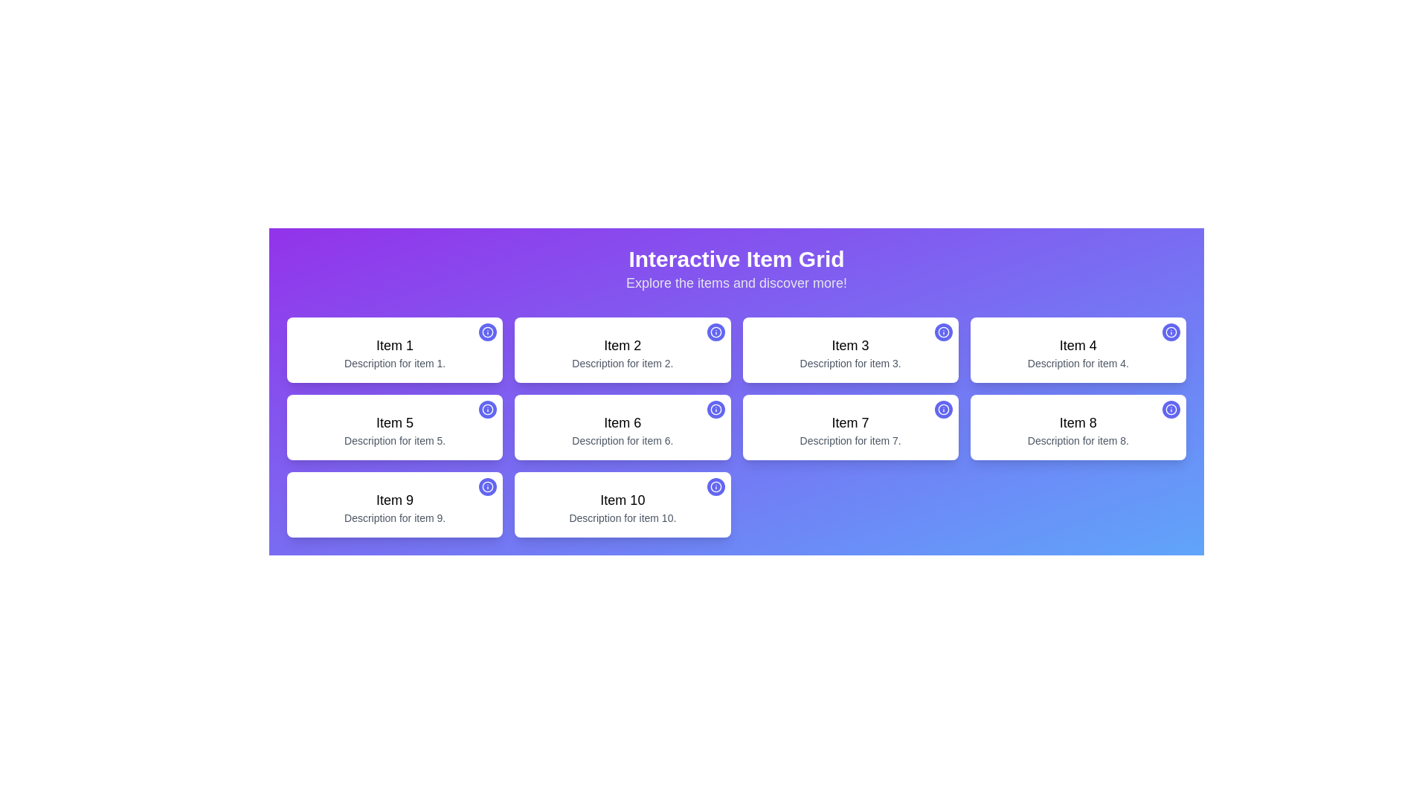 This screenshot has width=1428, height=803. I want to click on the static text element located directly below the bold title 'Item 10' in the card labeled 'Item 10', which is positioned in the second row, second column of a 2x5 grid layout, so click(623, 517).